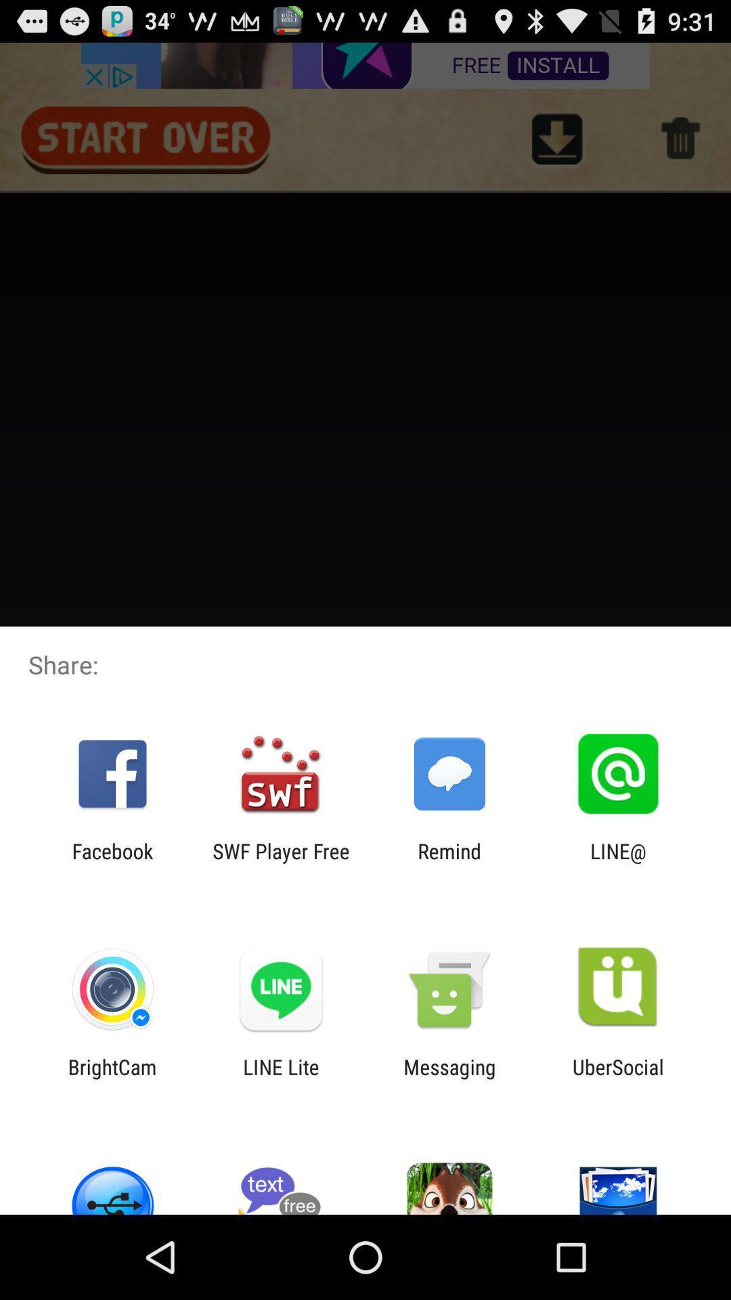  What do you see at coordinates (112, 863) in the screenshot?
I see `facebook item` at bounding box center [112, 863].